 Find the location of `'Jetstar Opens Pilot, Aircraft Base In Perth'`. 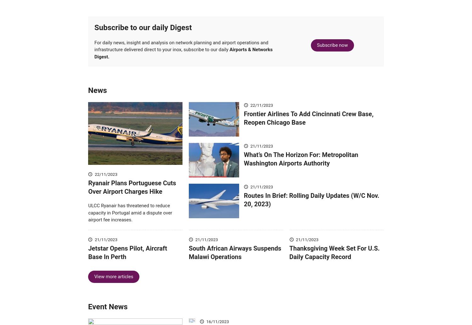

'Jetstar Opens Pilot, Aircraft Base In Perth' is located at coordinates (127, 261).